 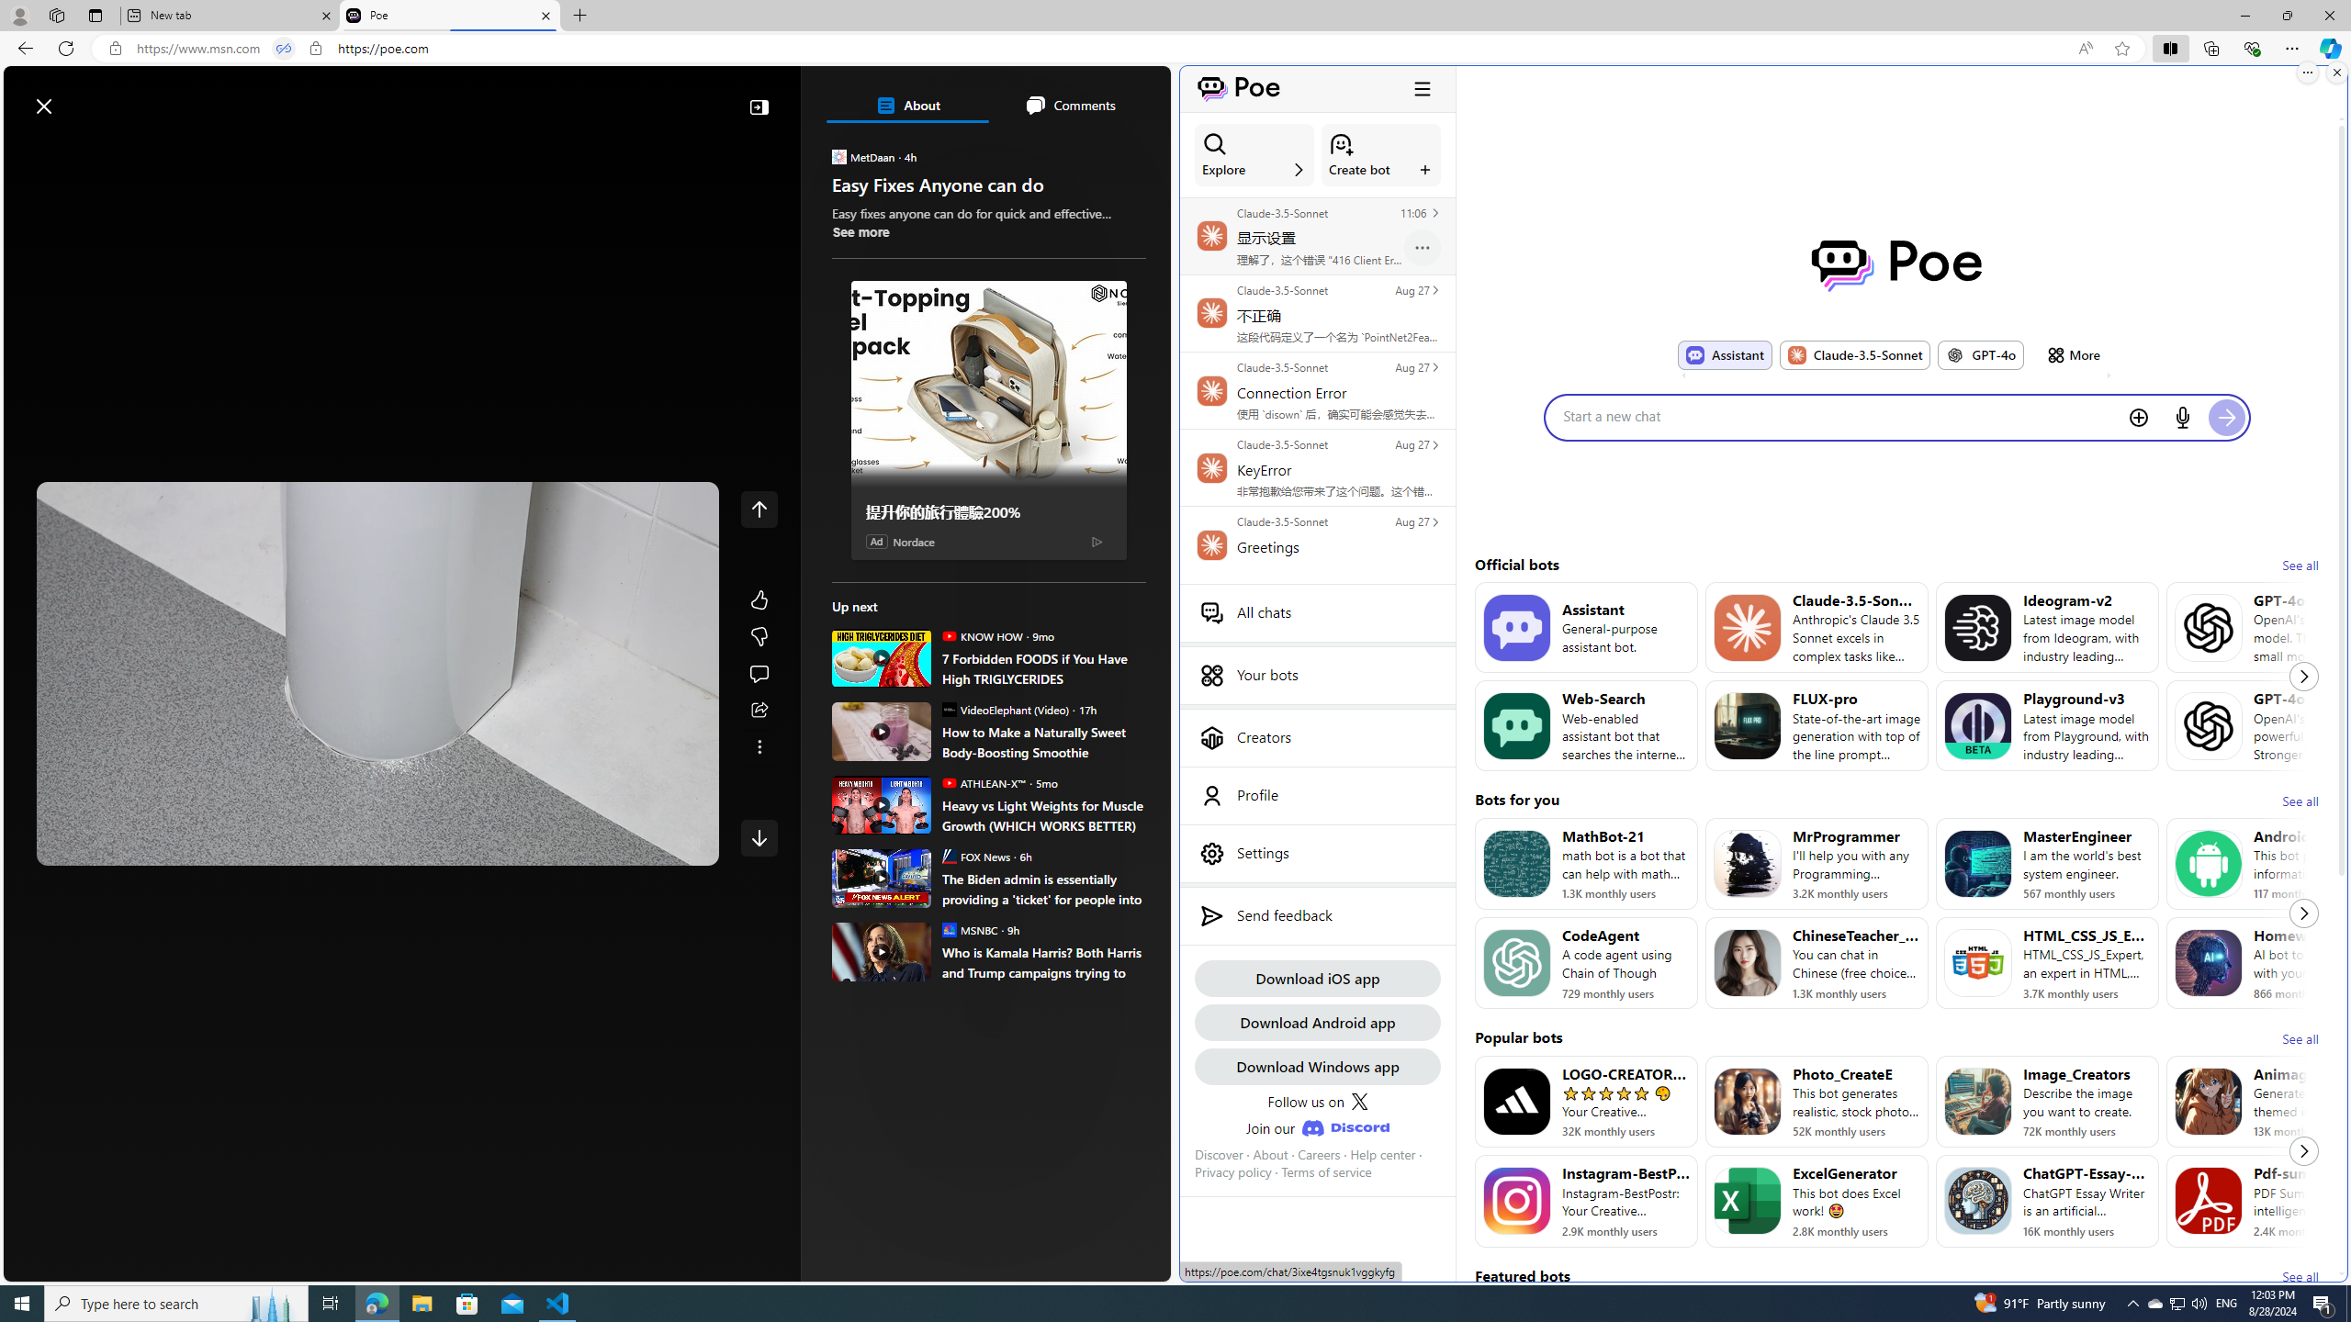 I want to click on 'Like', so click(x=759, y=599).